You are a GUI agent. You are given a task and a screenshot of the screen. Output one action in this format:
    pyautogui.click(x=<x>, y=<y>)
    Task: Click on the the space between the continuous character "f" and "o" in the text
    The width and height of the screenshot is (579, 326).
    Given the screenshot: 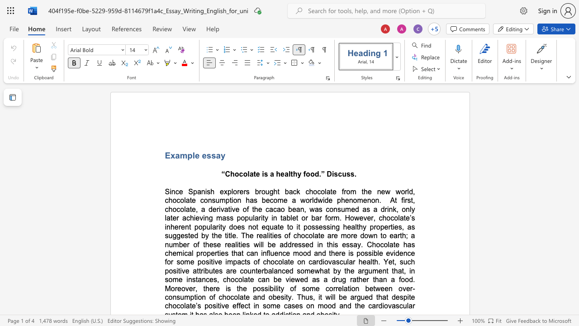 What is the action you would take?
    pyautogui.click(x=306, y=174)
    